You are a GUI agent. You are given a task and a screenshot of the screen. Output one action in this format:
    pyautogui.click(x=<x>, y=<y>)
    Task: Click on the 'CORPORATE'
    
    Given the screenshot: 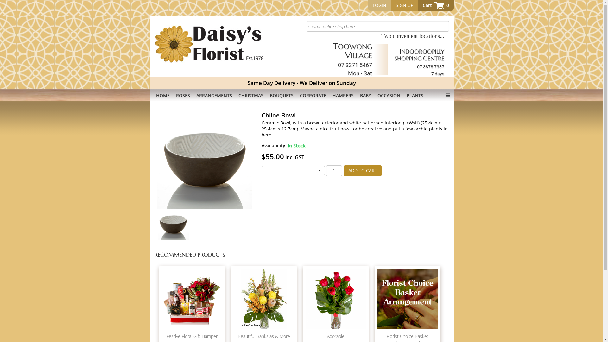 What is the action you would take?
    pyautogui.click(x=313, y=95)
    